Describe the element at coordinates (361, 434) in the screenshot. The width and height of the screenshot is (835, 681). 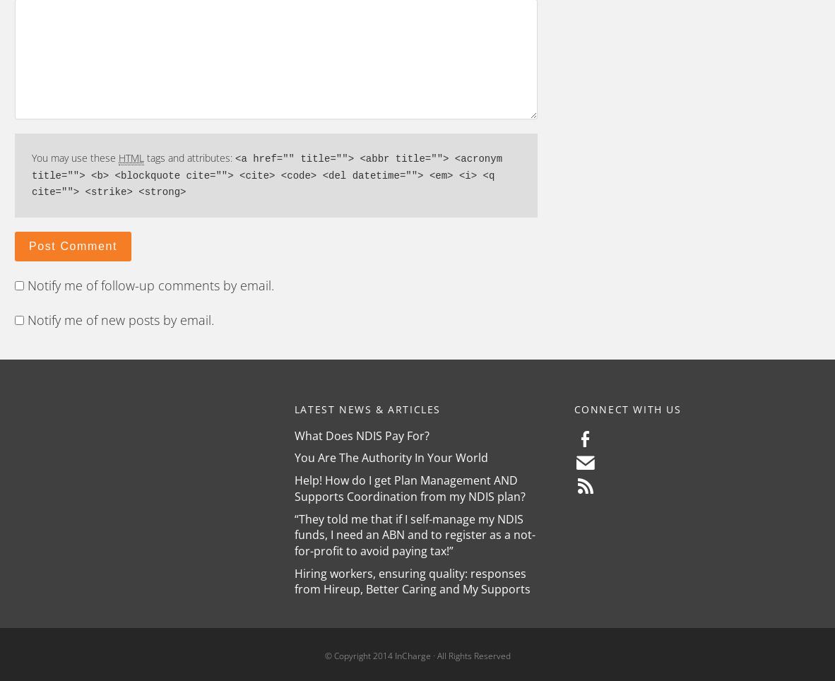
I see `'What Does NDIS Pay For?'` at that location.